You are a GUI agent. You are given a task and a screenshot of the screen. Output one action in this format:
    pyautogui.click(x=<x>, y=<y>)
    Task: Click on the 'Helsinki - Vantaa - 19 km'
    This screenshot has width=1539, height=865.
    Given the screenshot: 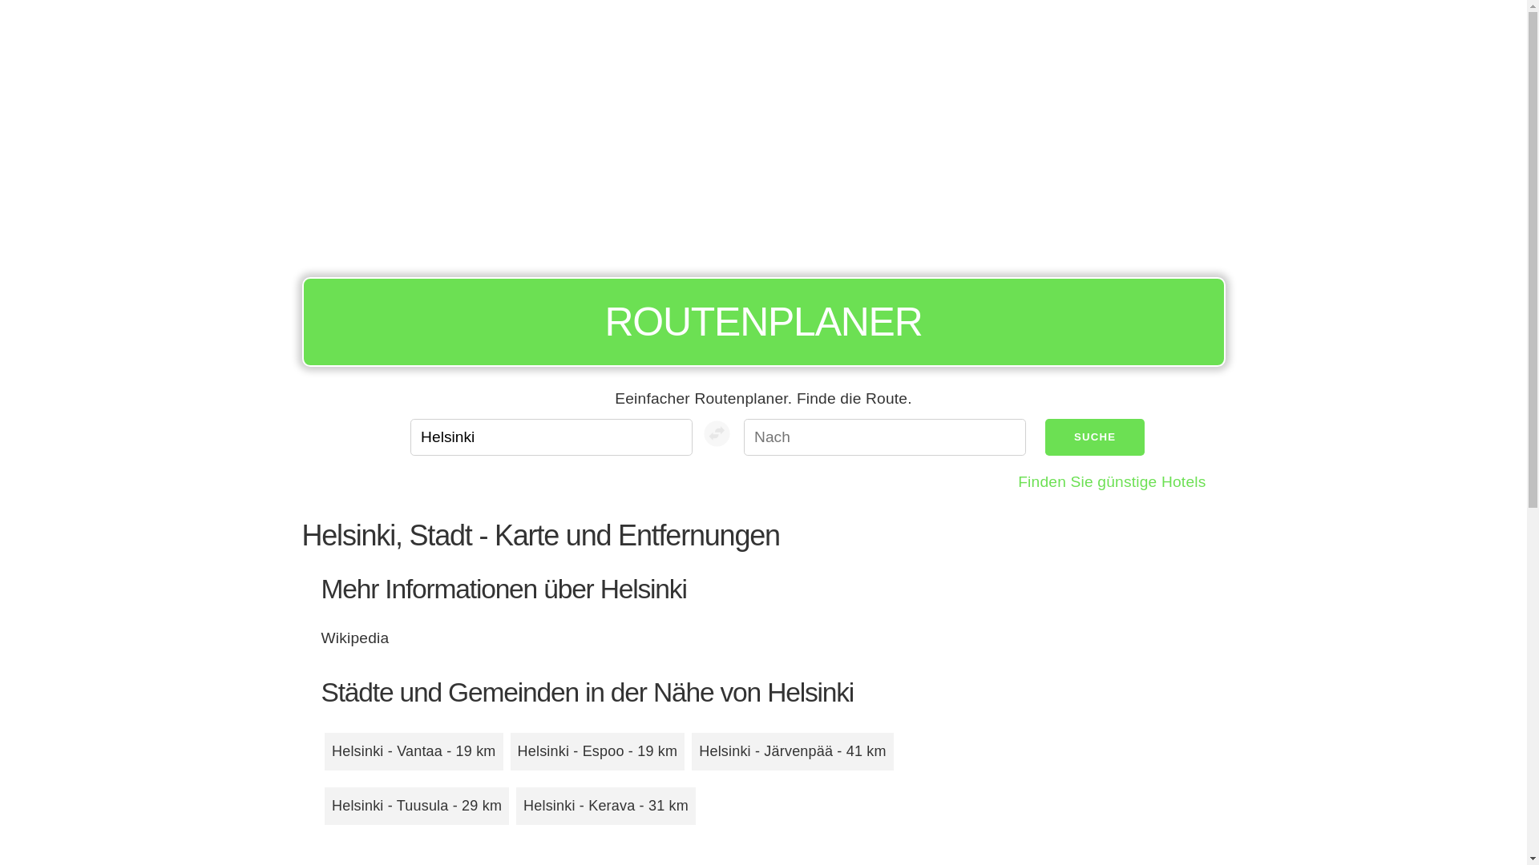 What is the action you would take?
    pyautogui.click(x=414, y=751)
    